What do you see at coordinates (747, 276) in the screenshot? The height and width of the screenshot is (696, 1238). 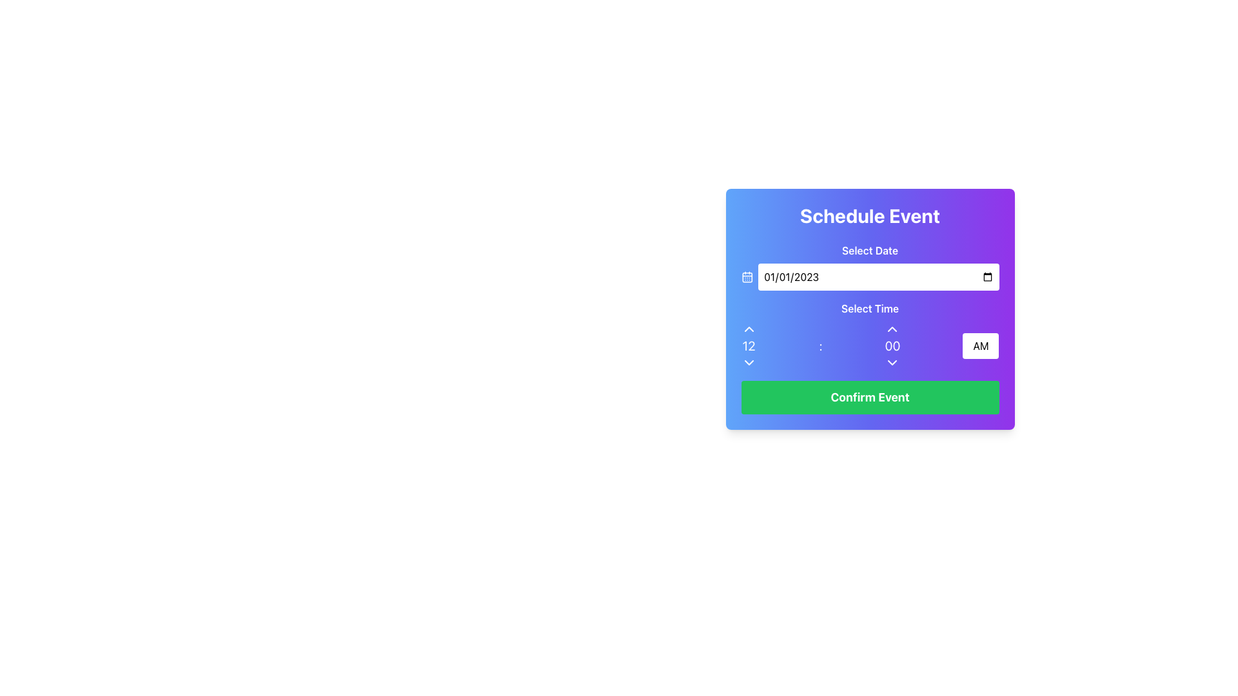 I see `the rectangular component styled within the calendar icon, located to the left of the 'Select Date' input field in the 'Schedule Event' section` at bounding box center [747, 276].